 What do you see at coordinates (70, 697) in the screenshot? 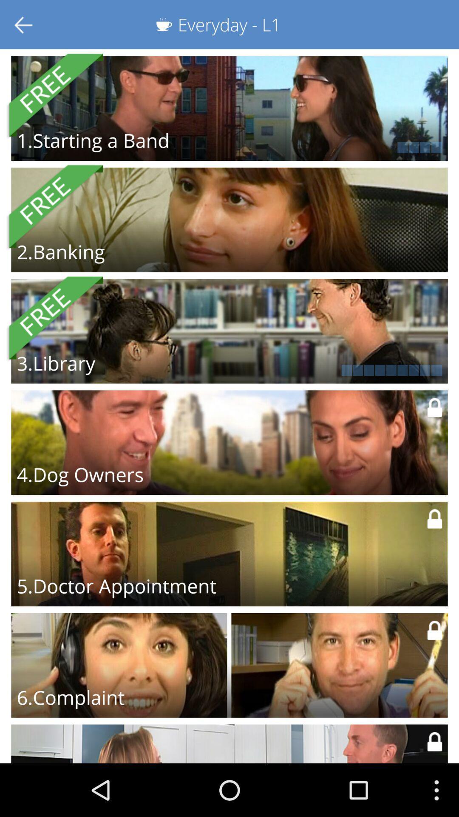
I see `the 6.complaint` at bounding box center [70, 697].